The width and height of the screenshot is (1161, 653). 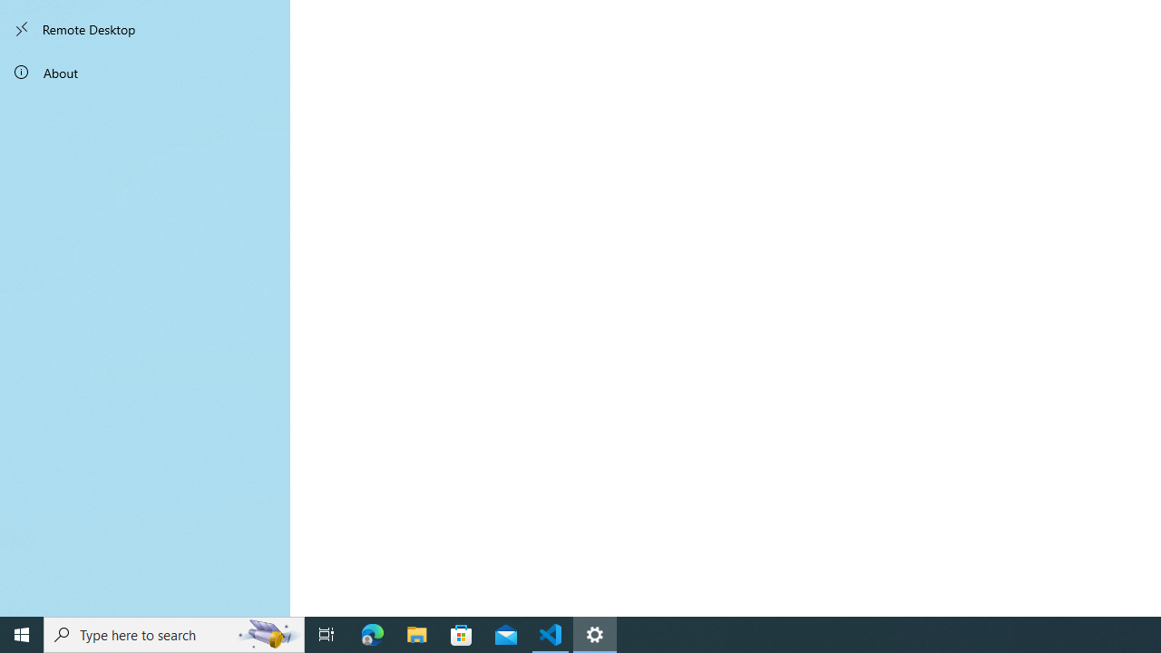 What do you see at coordinates (267, 633) in the screenshot?
I see `'Search highlights icon opens search home window'` at bounding box center [267, 633].